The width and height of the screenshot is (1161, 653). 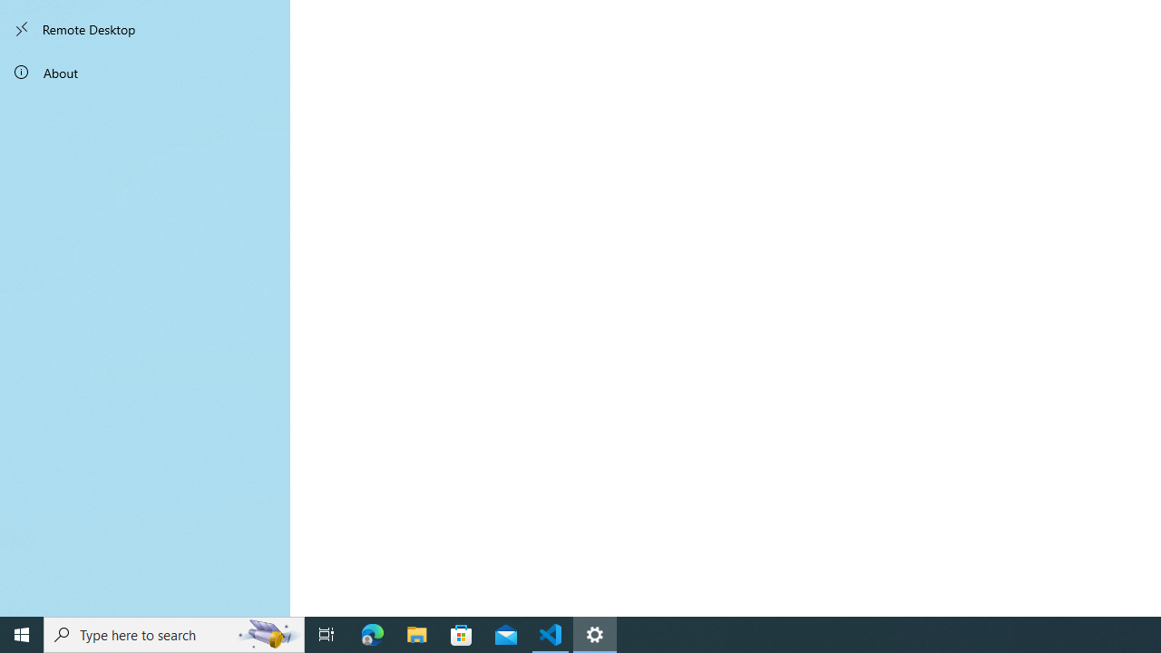 What do you see at coordinates (267, 633) in the screenshot?
I see `'Search highlights icon opens search home window'` at bounding box center [267, 633].